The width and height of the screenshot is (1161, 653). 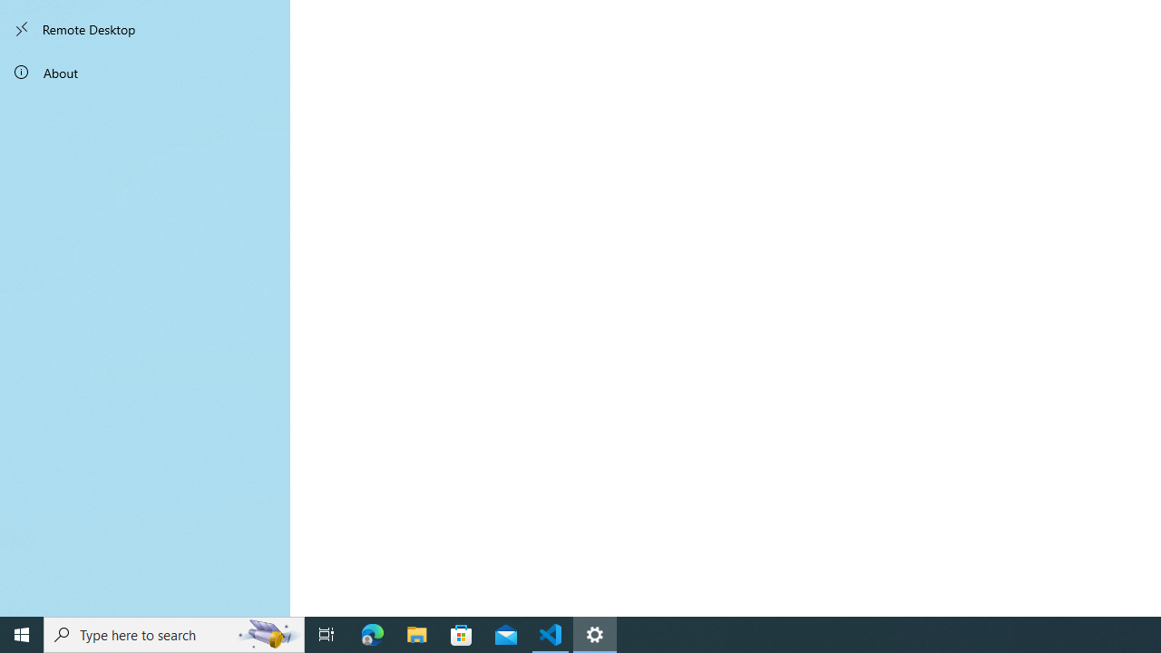 What do you see at coordinates (267, 633) in the screenshot?
I see `'Search highlights icon opens search home window'` at bounding box center [267, 633].